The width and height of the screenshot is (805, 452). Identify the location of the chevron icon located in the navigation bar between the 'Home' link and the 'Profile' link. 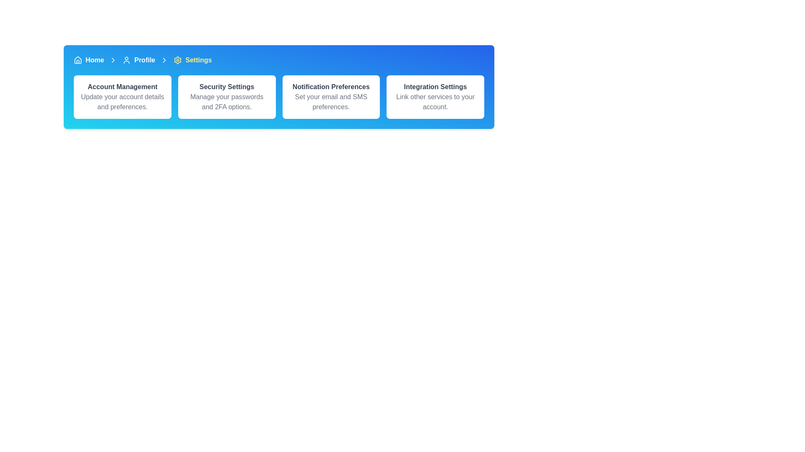
(164, 59).